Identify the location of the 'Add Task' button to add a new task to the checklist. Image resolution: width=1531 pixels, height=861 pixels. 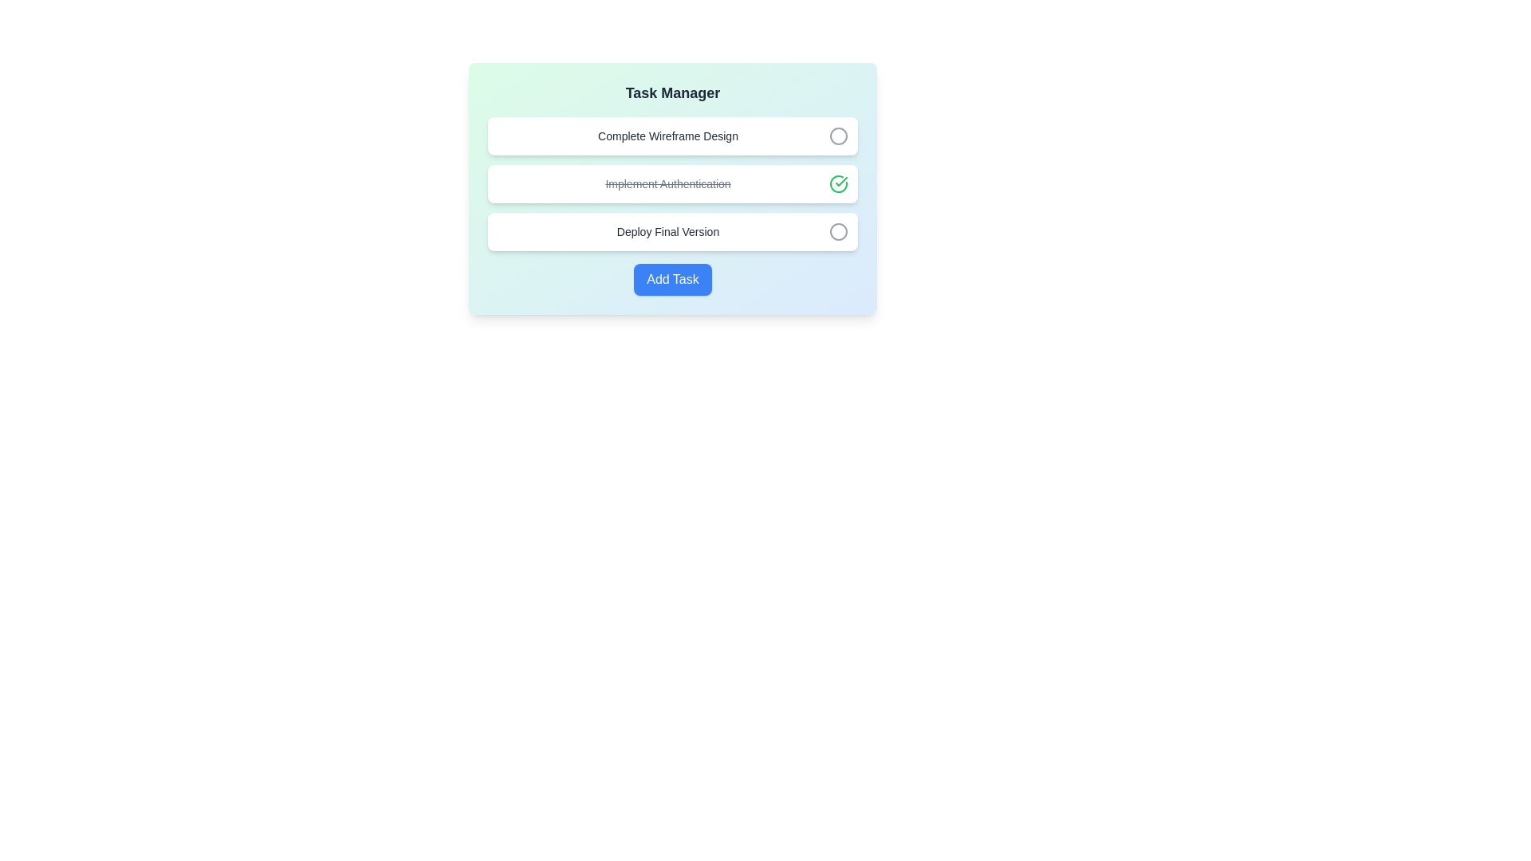
(673, 279).